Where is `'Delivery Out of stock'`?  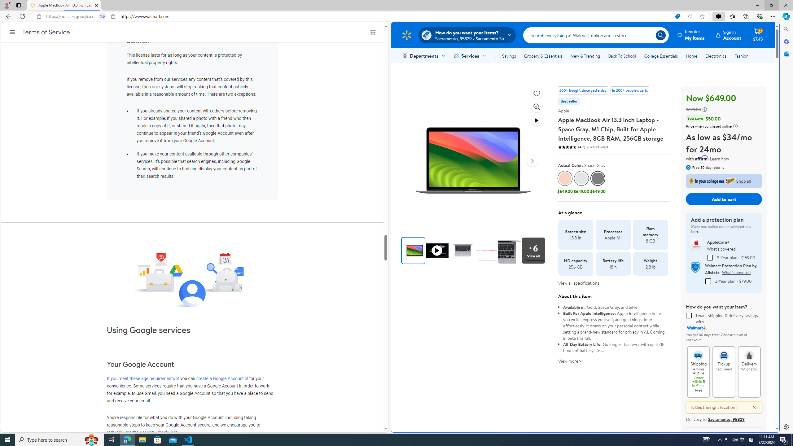 'Delivery Out of stock' is located at coordinates (749, 352).